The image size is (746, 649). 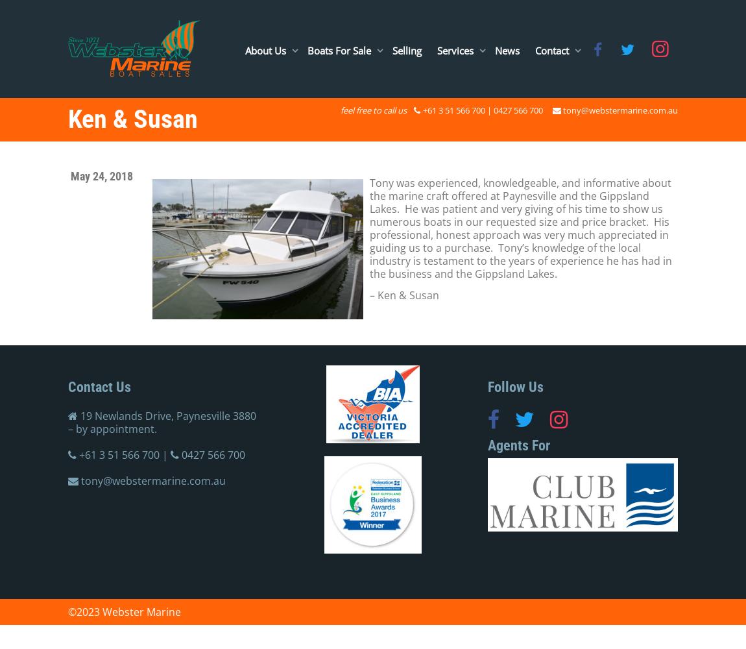 What do you see at coordinates (124, 611) in the screenshot?
I see `'©2023 Webster Marine'` at bounding box center [124, 611].